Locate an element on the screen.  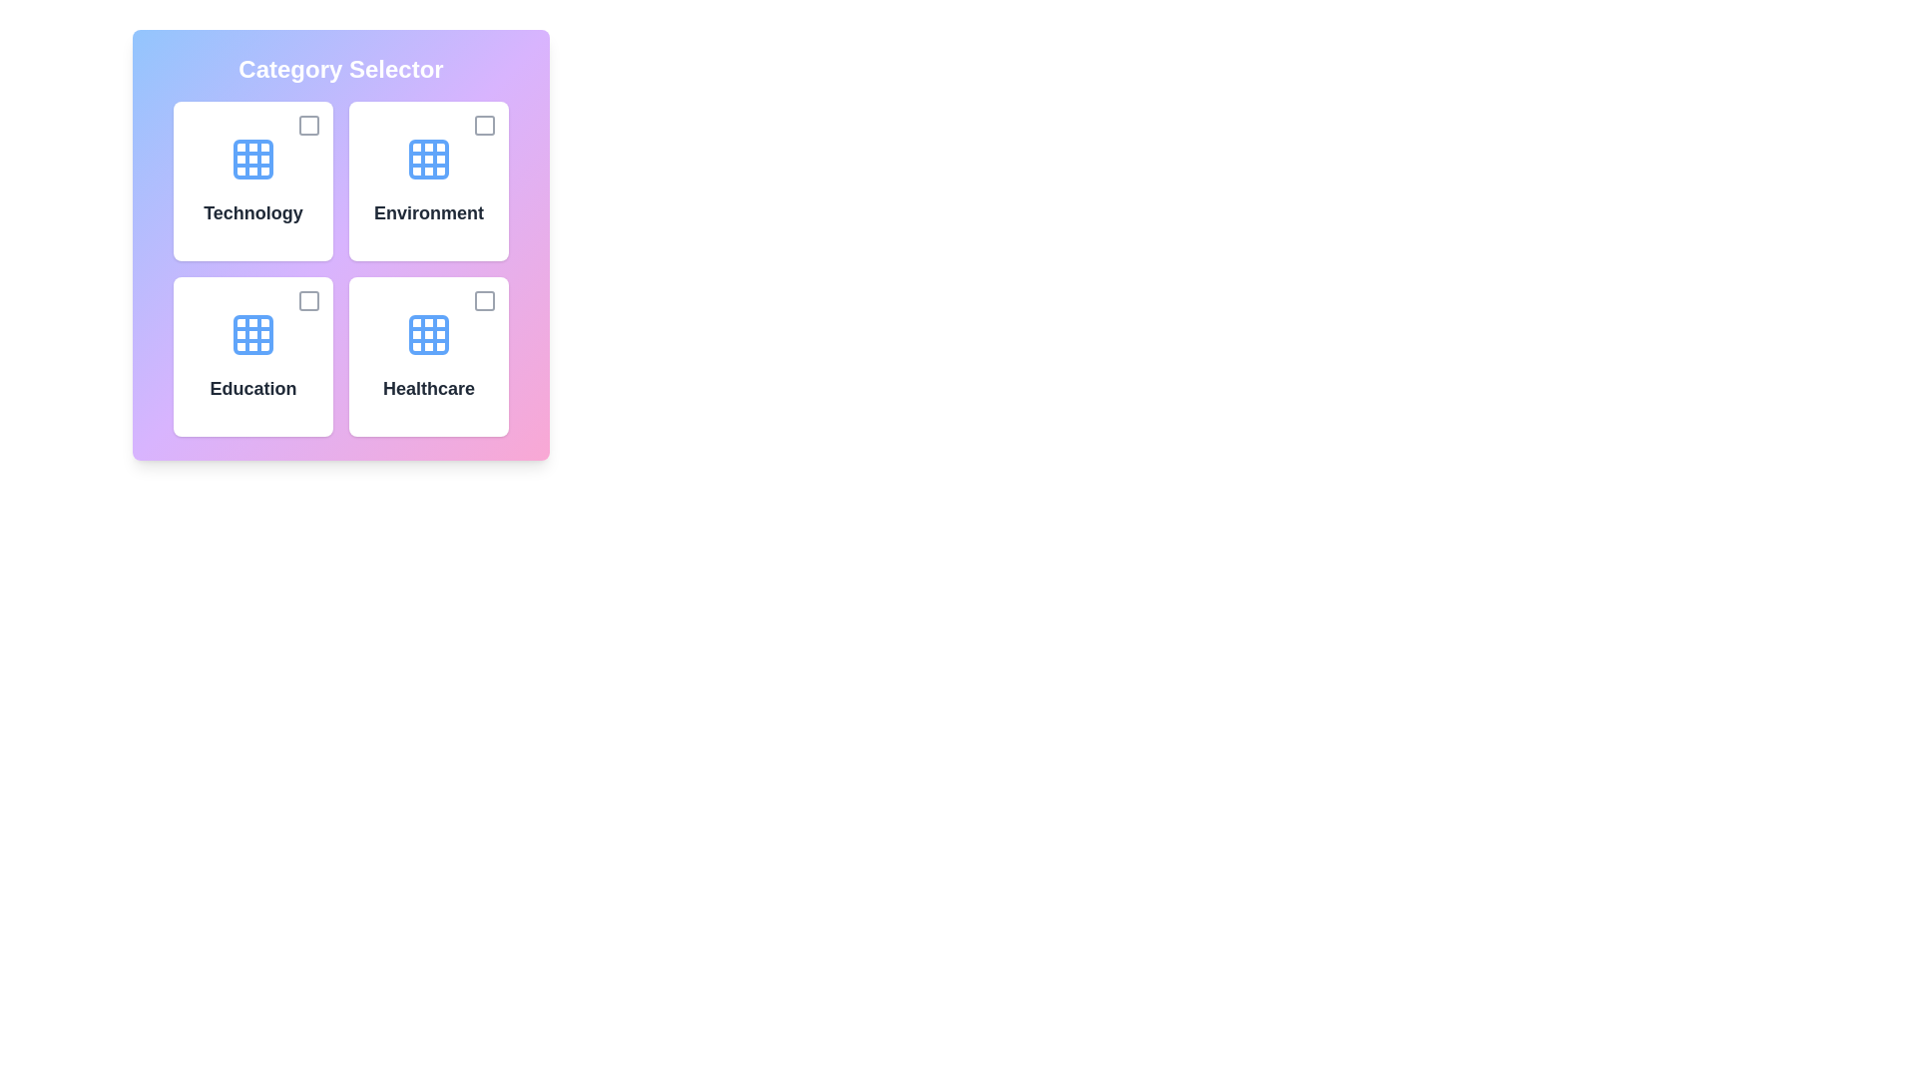
the category card labeled Healthcare to toggle its selection state is located at coordinates (428, 356).